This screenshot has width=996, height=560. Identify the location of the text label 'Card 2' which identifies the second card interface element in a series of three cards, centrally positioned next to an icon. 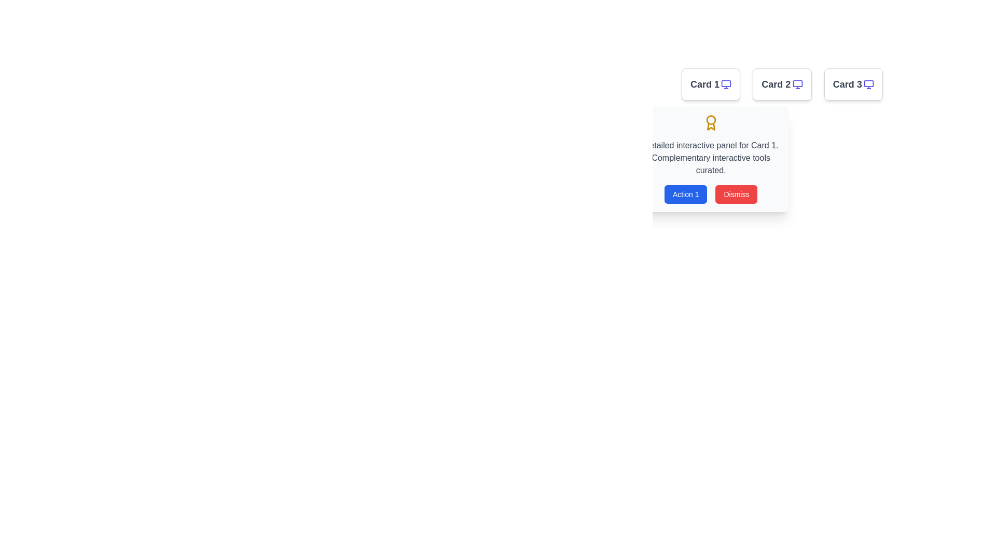
(776, 83).